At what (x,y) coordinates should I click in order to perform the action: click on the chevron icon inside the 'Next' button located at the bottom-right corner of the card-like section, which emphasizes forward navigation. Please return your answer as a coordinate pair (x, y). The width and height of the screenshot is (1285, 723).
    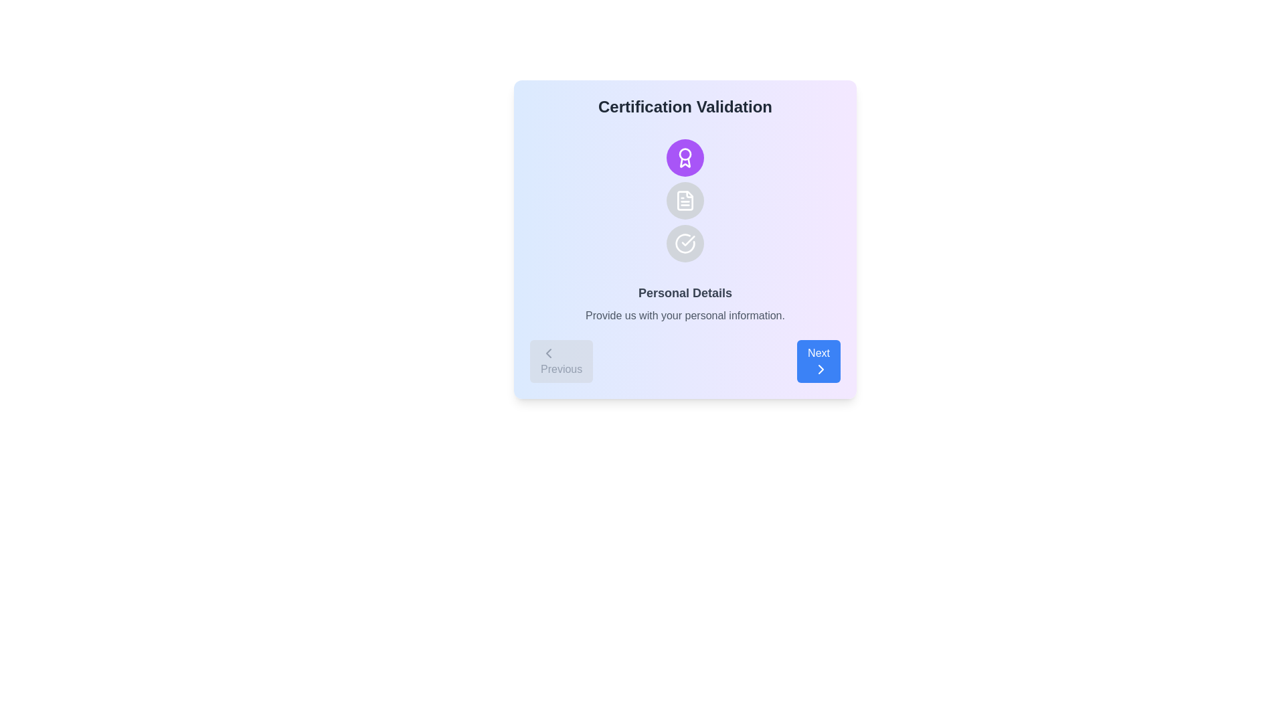
    Looking at the image, I should click on (821, 369).